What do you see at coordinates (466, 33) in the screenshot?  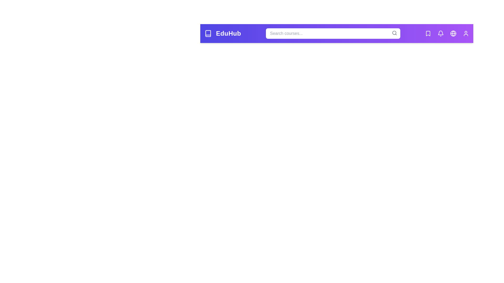 I see `the Profile icon to view its tooltip` at bounding box center [466, 33].